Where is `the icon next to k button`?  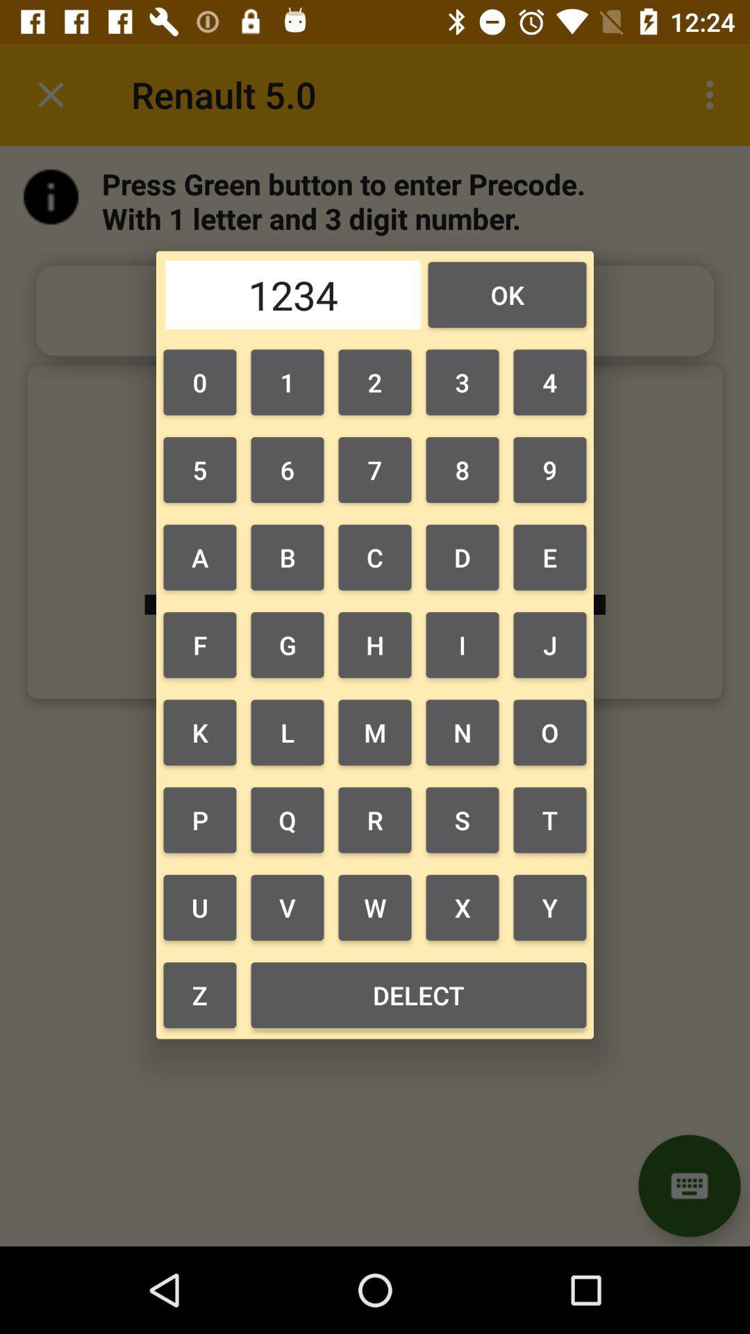
the icon next to k button is located at coordinates (286, 820).